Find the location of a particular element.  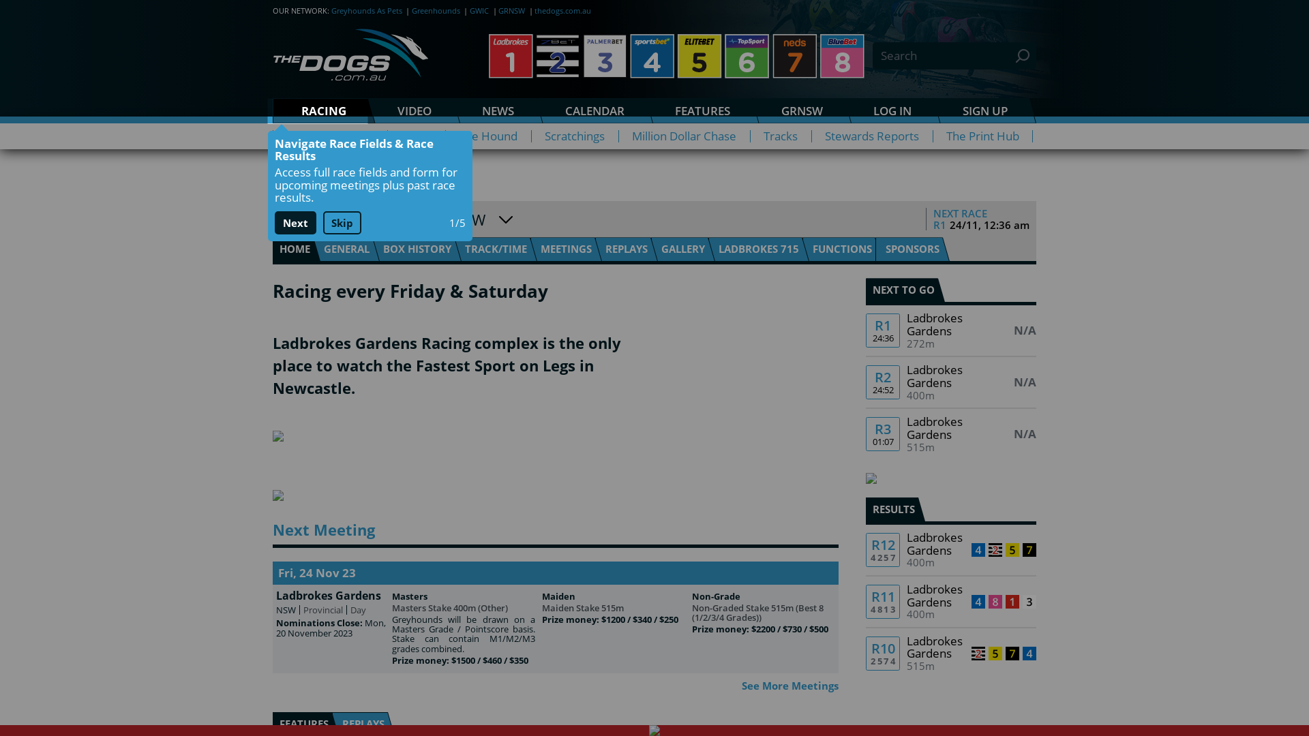

'The Print Hub' is located at coordinates (982, 136).